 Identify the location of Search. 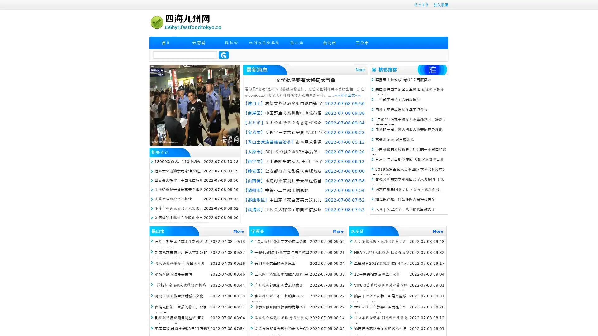
(224, 55).